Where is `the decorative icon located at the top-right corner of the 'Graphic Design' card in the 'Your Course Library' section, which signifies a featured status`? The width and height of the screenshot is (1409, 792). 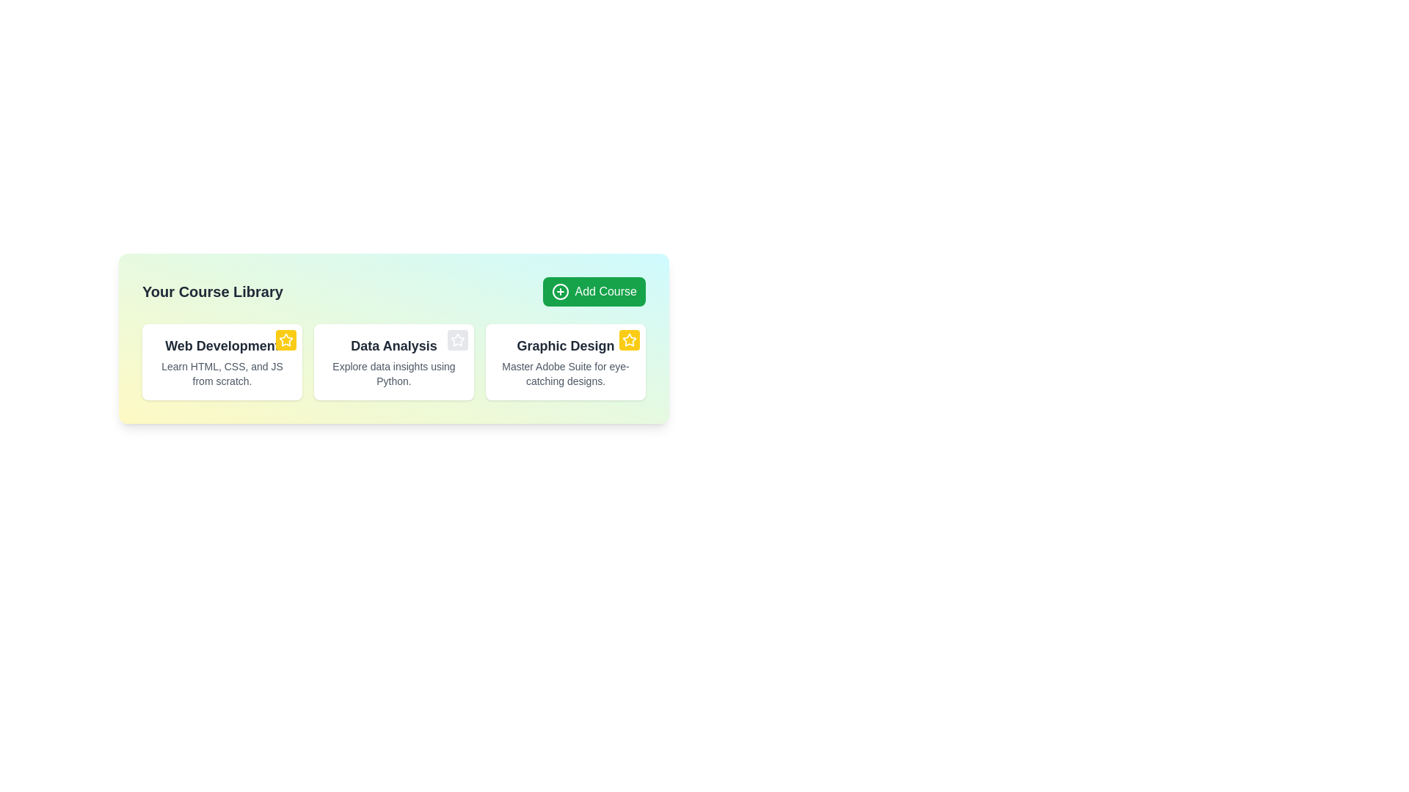
the decorative icon located at the top-right corner of the 'Graphic Design' card in the 'Your Course Library' section, which signifies a featured status is located at coordinates (630, 340).